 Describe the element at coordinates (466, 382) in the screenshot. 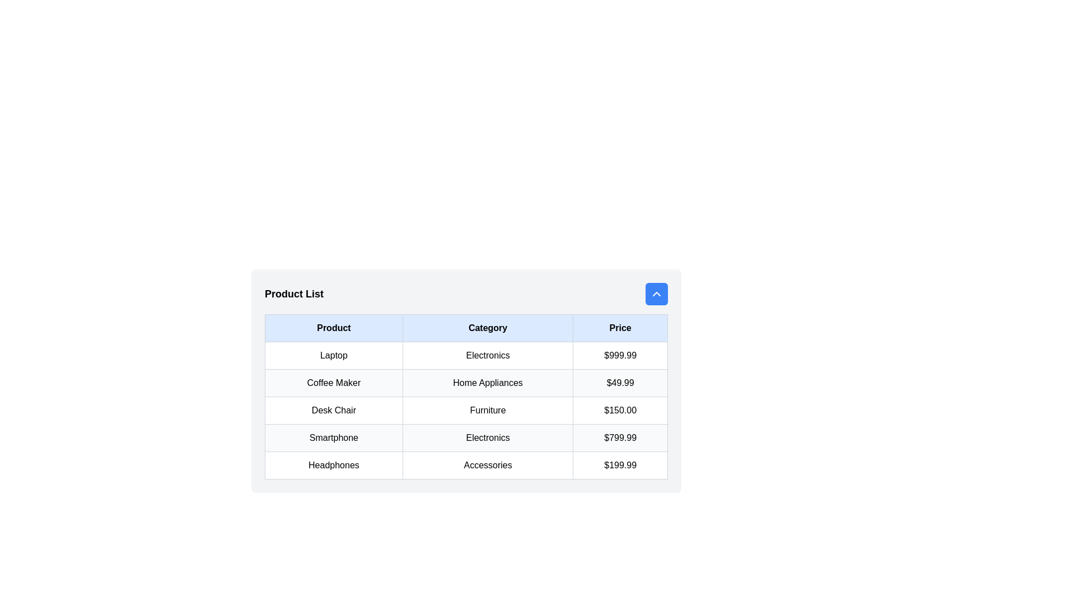

I see `the second row of the product list table, which displays information about a product's name, category, and price, positioned below 'Laptop' and above 'Desk Chair'` at that location.